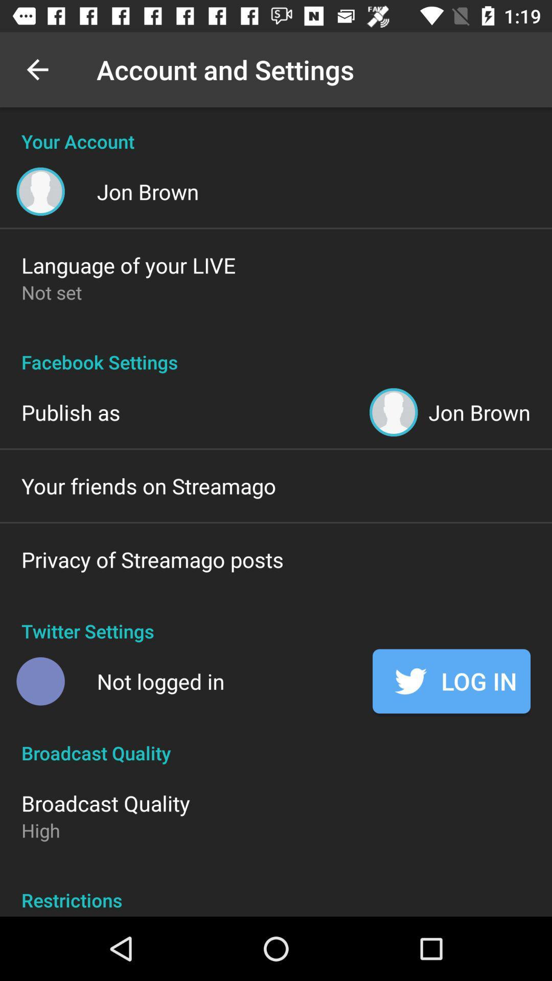  What do you see at coordinates (128, 265) in the screenshot?
I see `language of your item` at bounding box center [128, 265].